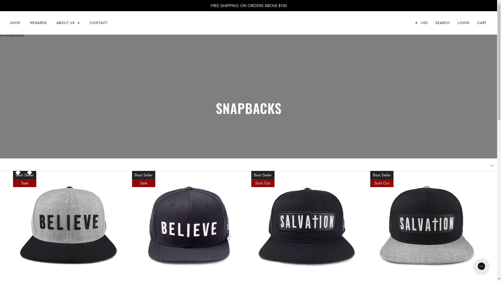  I want to click on 'EUR', so click(421, 79).